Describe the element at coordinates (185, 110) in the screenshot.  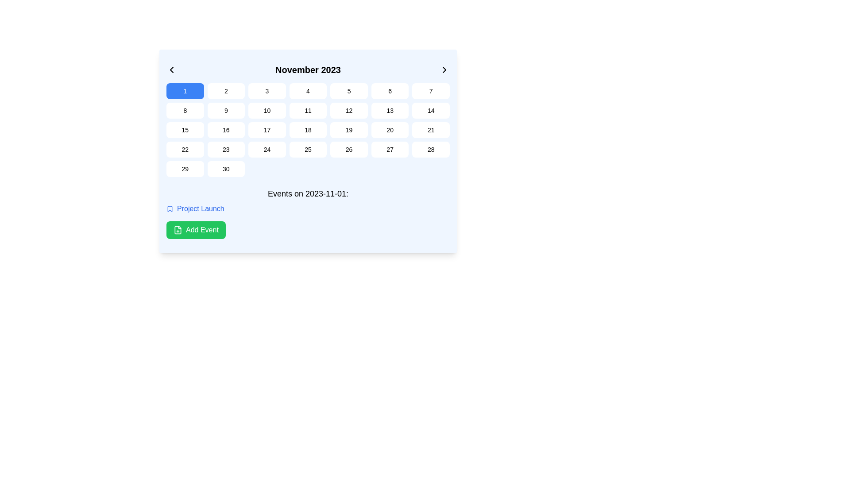
I see `the rectangular button displaying the number '8' in the calendar interface` at that location.